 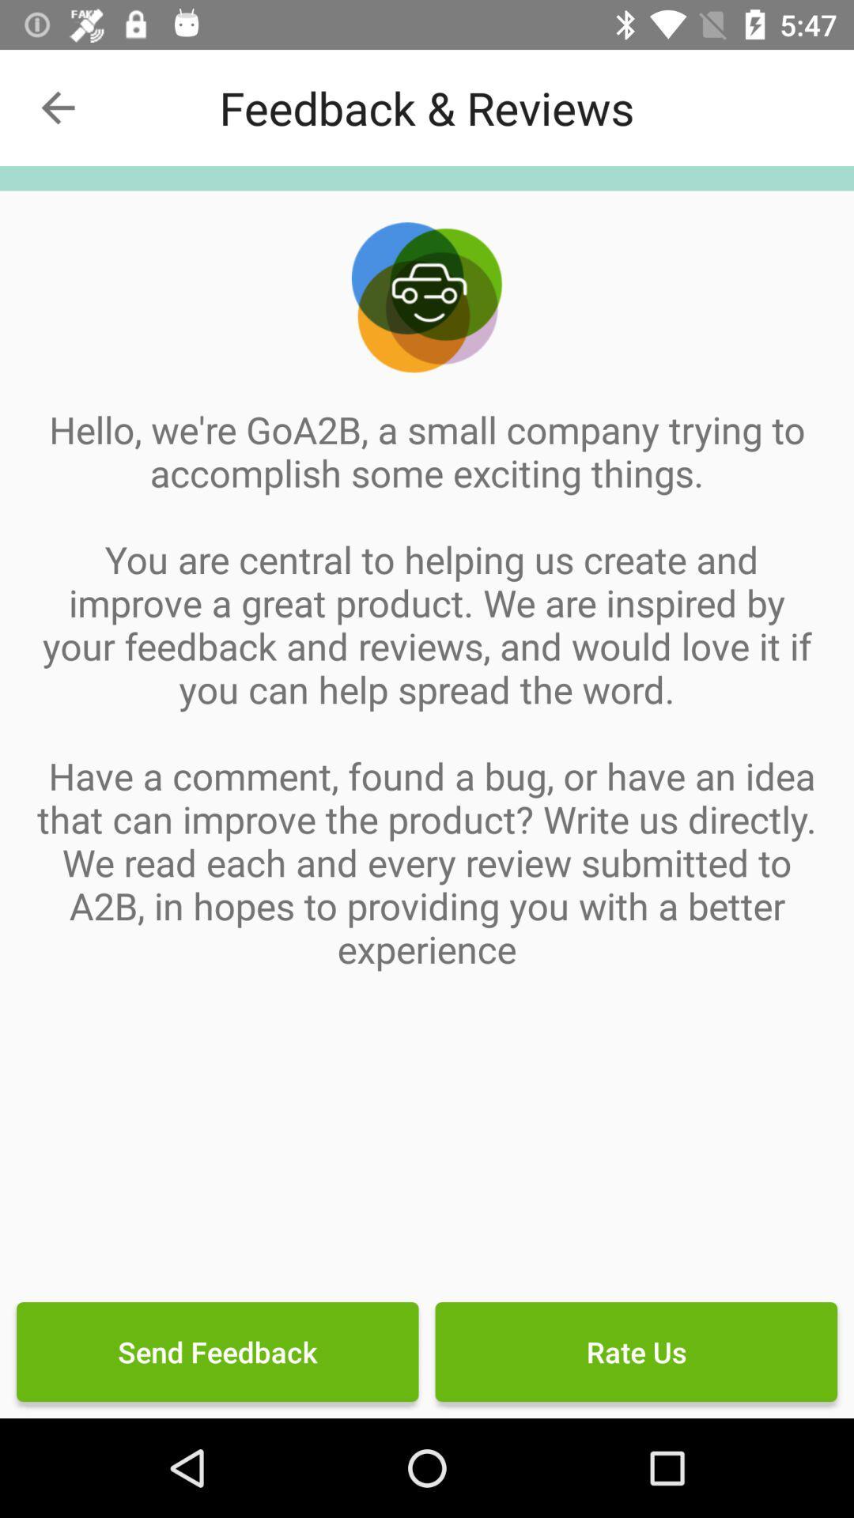 I want to click on send feedback icon, so click(x=217, y=1350).